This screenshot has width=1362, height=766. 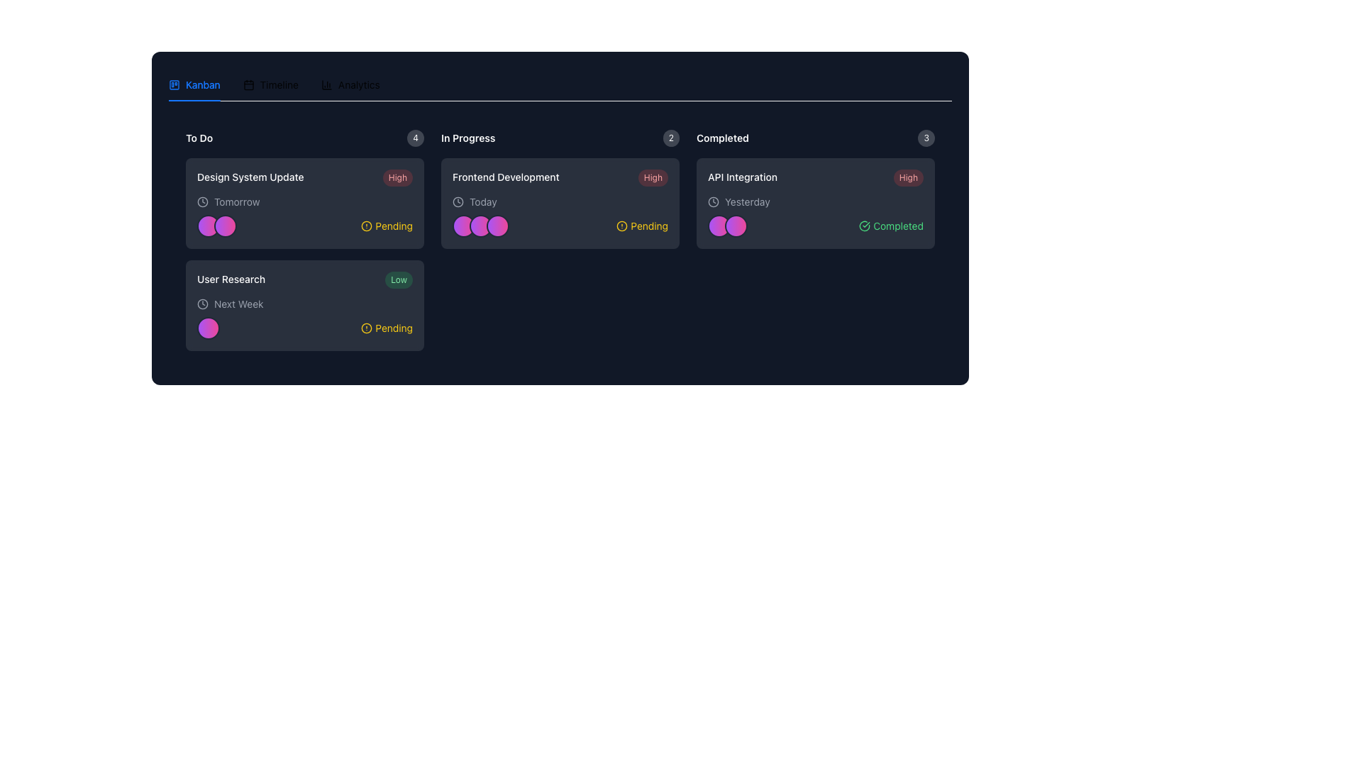 I want to click on the card containing the 'Frontend Development' text and 'High' badge located in the 'In Progress' column of the kanban board, so click(x=560, y=177).